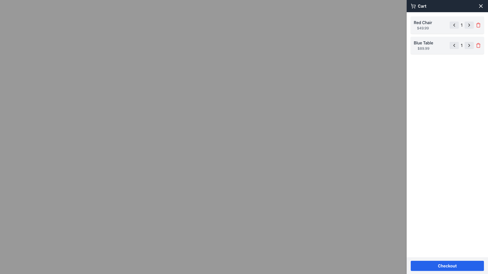  Describe the element at coordinates (413, 6) in the screenshot. I see `the shopping cart icon located on the left side of the navigation bar, immediately adjacent to the 'Cart' text label` at that location.